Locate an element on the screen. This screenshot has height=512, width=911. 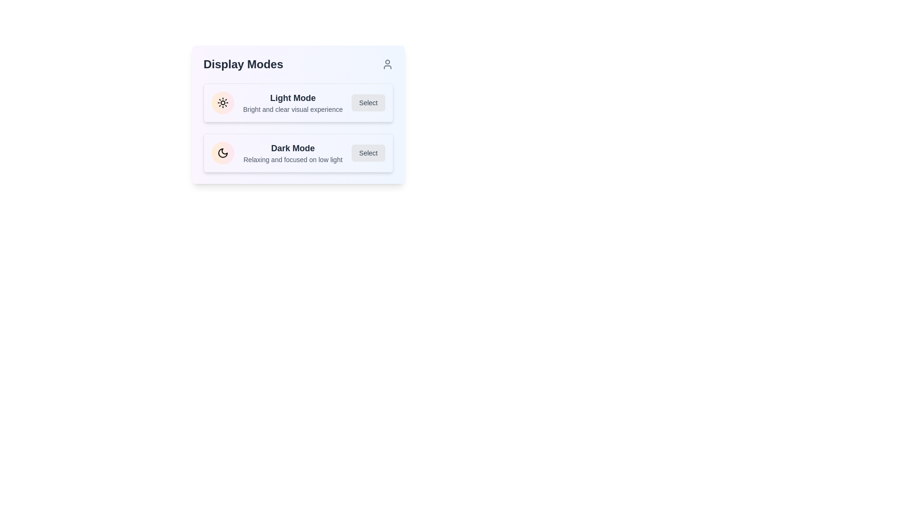
the 'Light Mode' icon located at the top-left of the 'Display Modes' modal to activate the display setting is located at coordinates (223, 102).